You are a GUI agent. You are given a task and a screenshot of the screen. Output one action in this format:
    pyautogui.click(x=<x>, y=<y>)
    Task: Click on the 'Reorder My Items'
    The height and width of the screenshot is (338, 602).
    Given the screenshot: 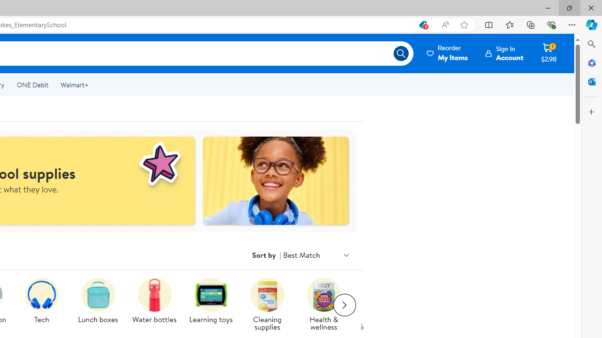 What is the action you would take?
    pyautogui.click(x=447, y=53)
    